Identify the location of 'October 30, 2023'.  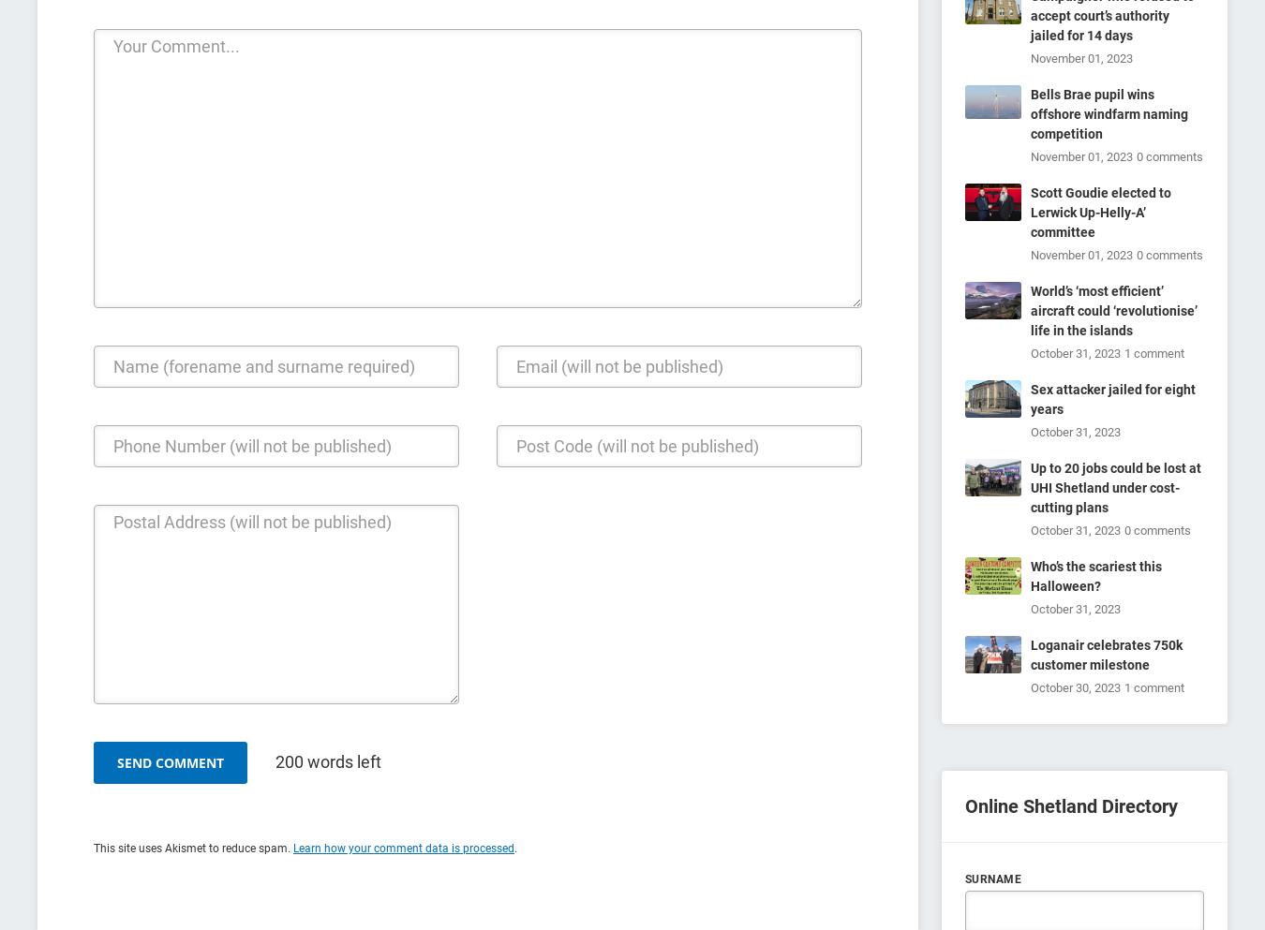
(1075, 687).